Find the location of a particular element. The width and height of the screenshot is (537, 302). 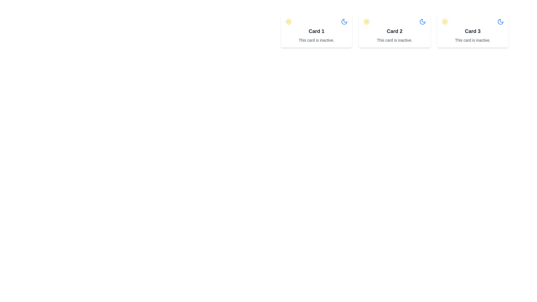

text content of the descriptive label indicating the inactive state of the associated card located below 'Card 2' in the second card of the horizontally aligned card layout is located at coordinates (394, 40).